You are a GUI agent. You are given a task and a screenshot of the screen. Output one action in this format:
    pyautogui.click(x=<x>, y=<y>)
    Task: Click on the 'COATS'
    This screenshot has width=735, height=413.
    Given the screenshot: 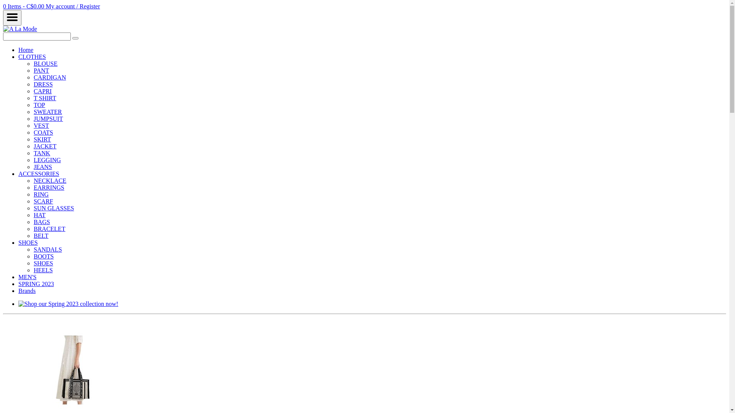 What is the action you would take?
    pyautogui.click(x=33, y=132)
    